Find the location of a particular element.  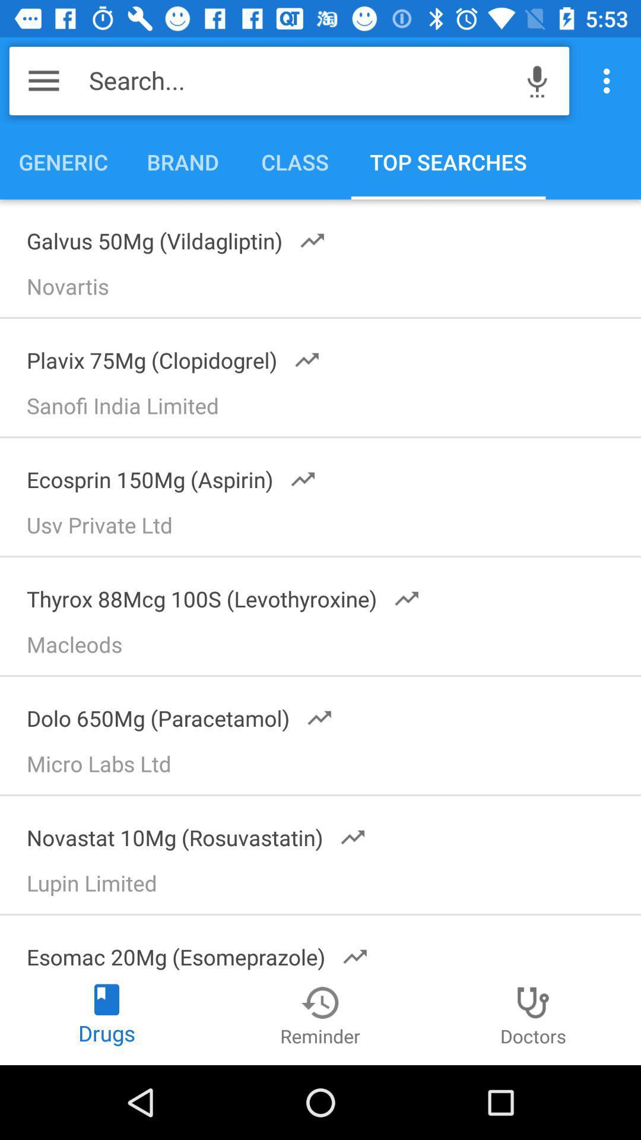

the sanofi india limited item is located at coordinates (326, 410).